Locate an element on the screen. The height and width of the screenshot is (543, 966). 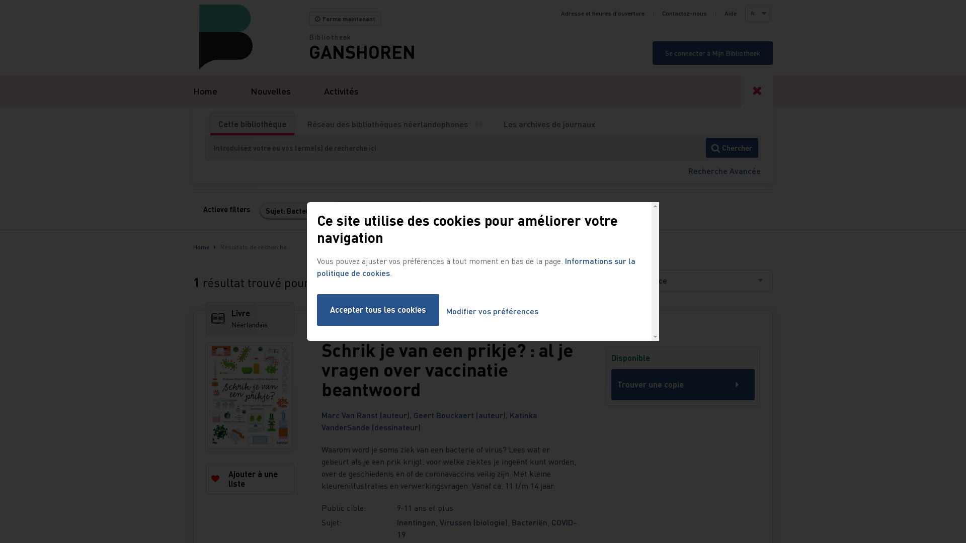
'Nouvelles' is located at coordinates (270, 90).